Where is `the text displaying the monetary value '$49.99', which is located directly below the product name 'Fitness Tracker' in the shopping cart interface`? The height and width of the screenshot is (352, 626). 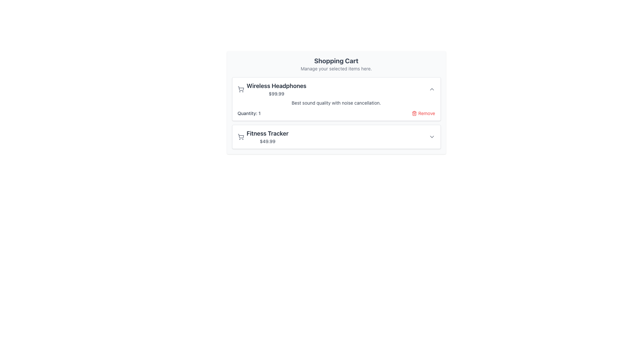
the text displaying the monetary value '$49.99', which is located directly below the product name 'Fitness Tracker' in the shopping cart interface is located at coordinates (267, 141).